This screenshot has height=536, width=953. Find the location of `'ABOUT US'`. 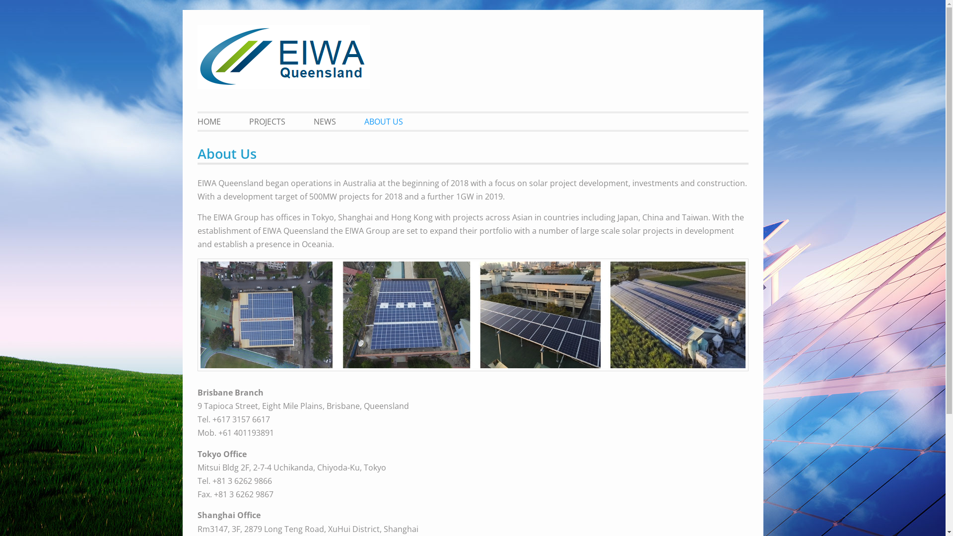

'ABOUT US' is located at coordinates (351, 121).